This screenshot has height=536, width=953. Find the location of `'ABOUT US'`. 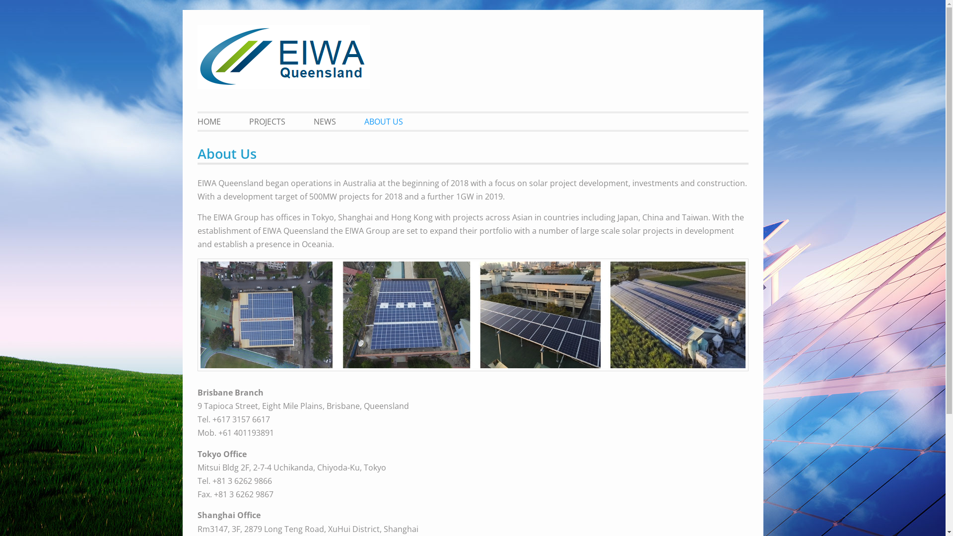

'ABOUT US' is located at coordinates (351, 121).